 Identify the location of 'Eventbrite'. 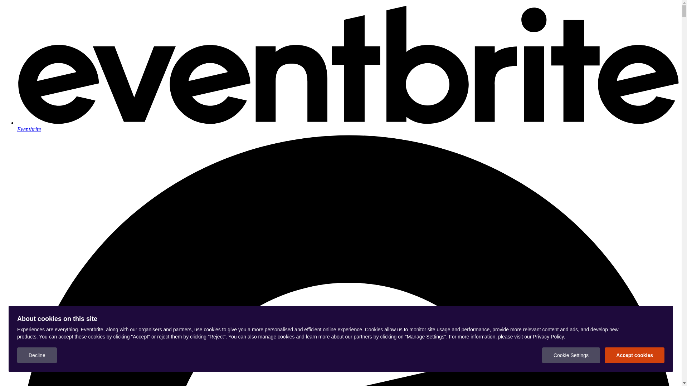
(17, 125).